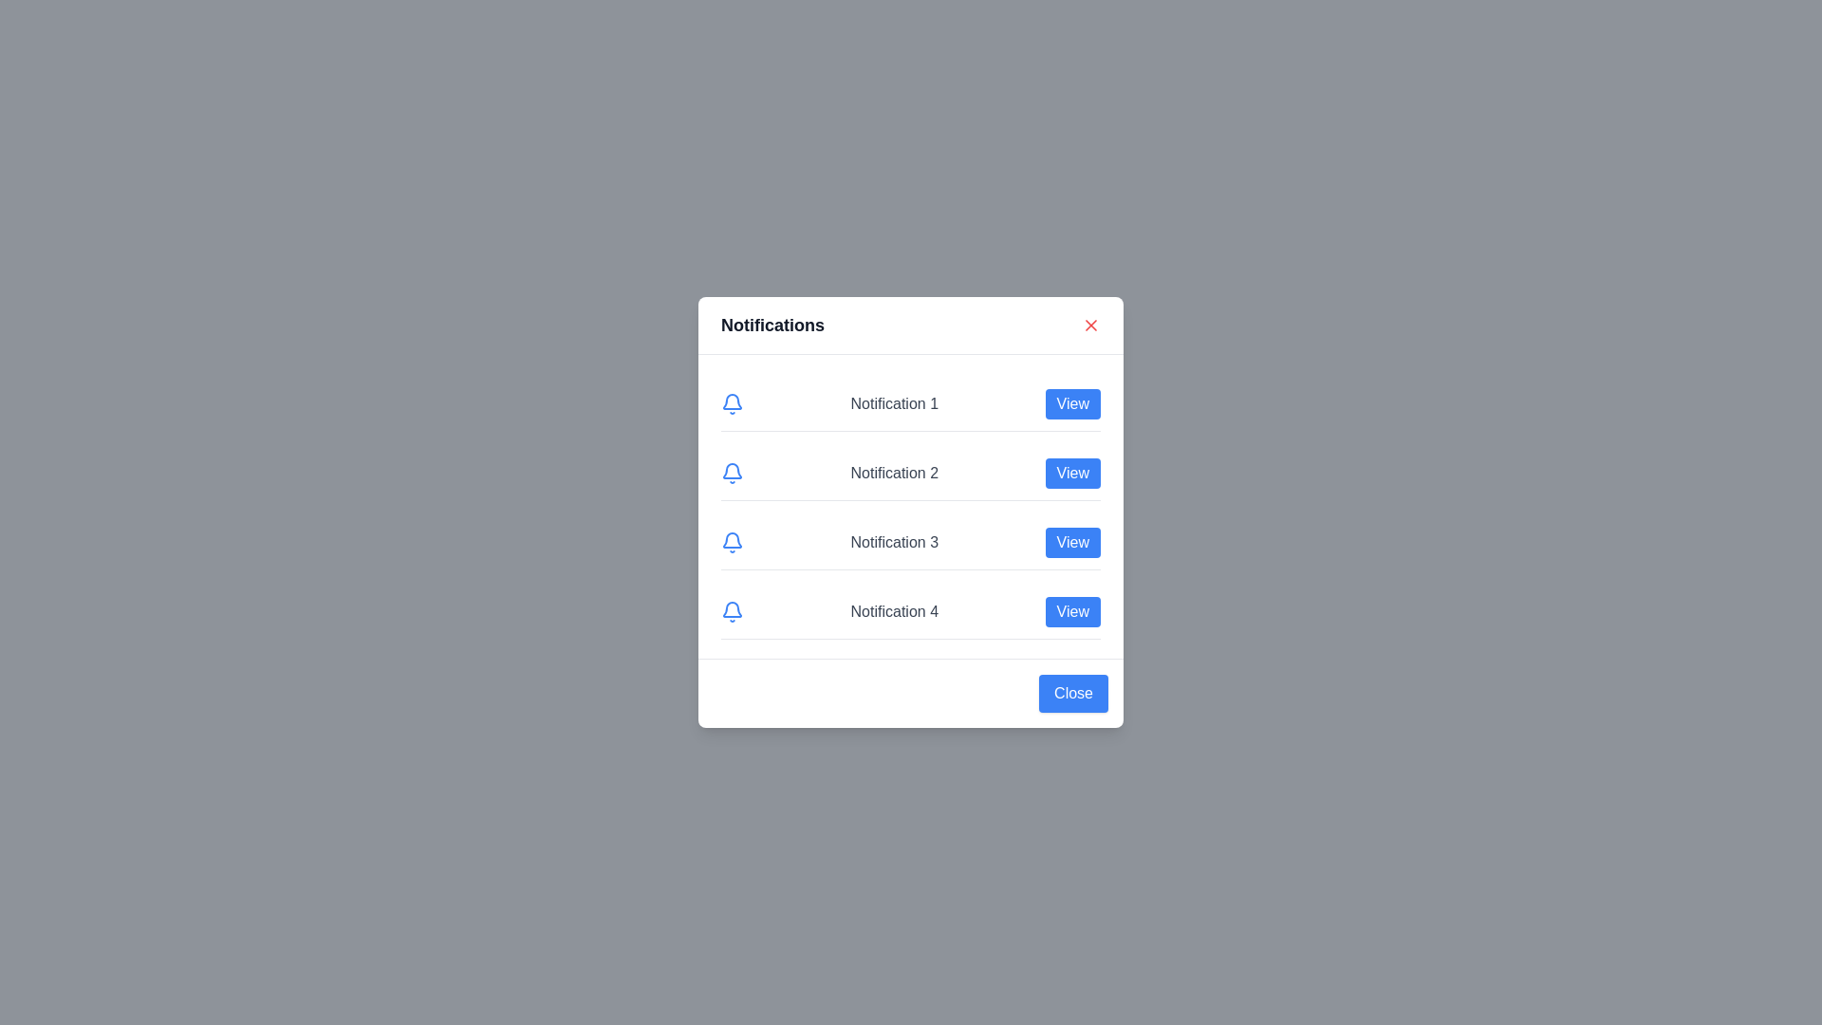 Image resolution: width=1822 pixels, height=1025 pixels. I want to click on the 'View' button corresponding to notification number 2, so click(1072, 472).